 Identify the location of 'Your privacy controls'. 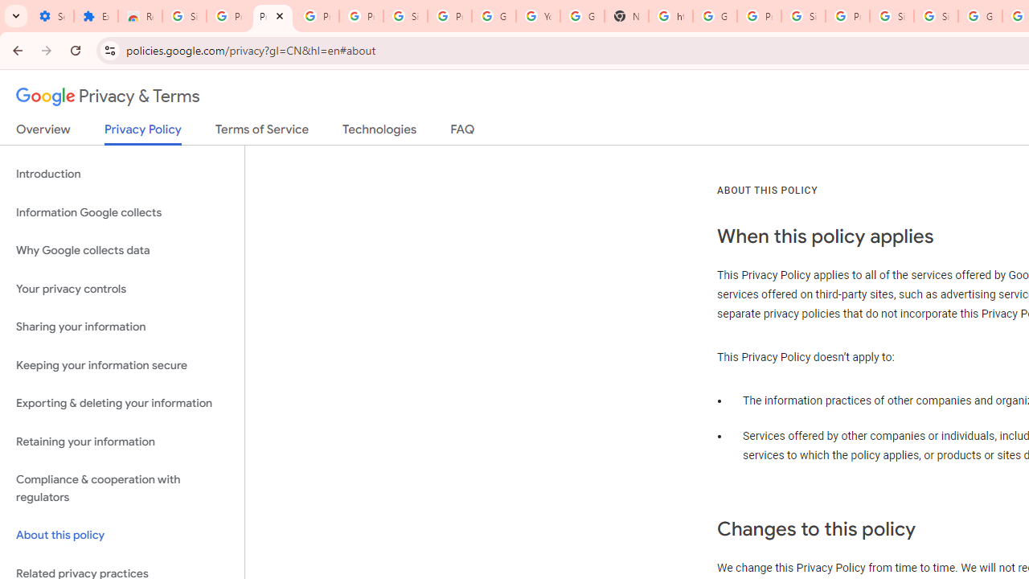
(121, 288).